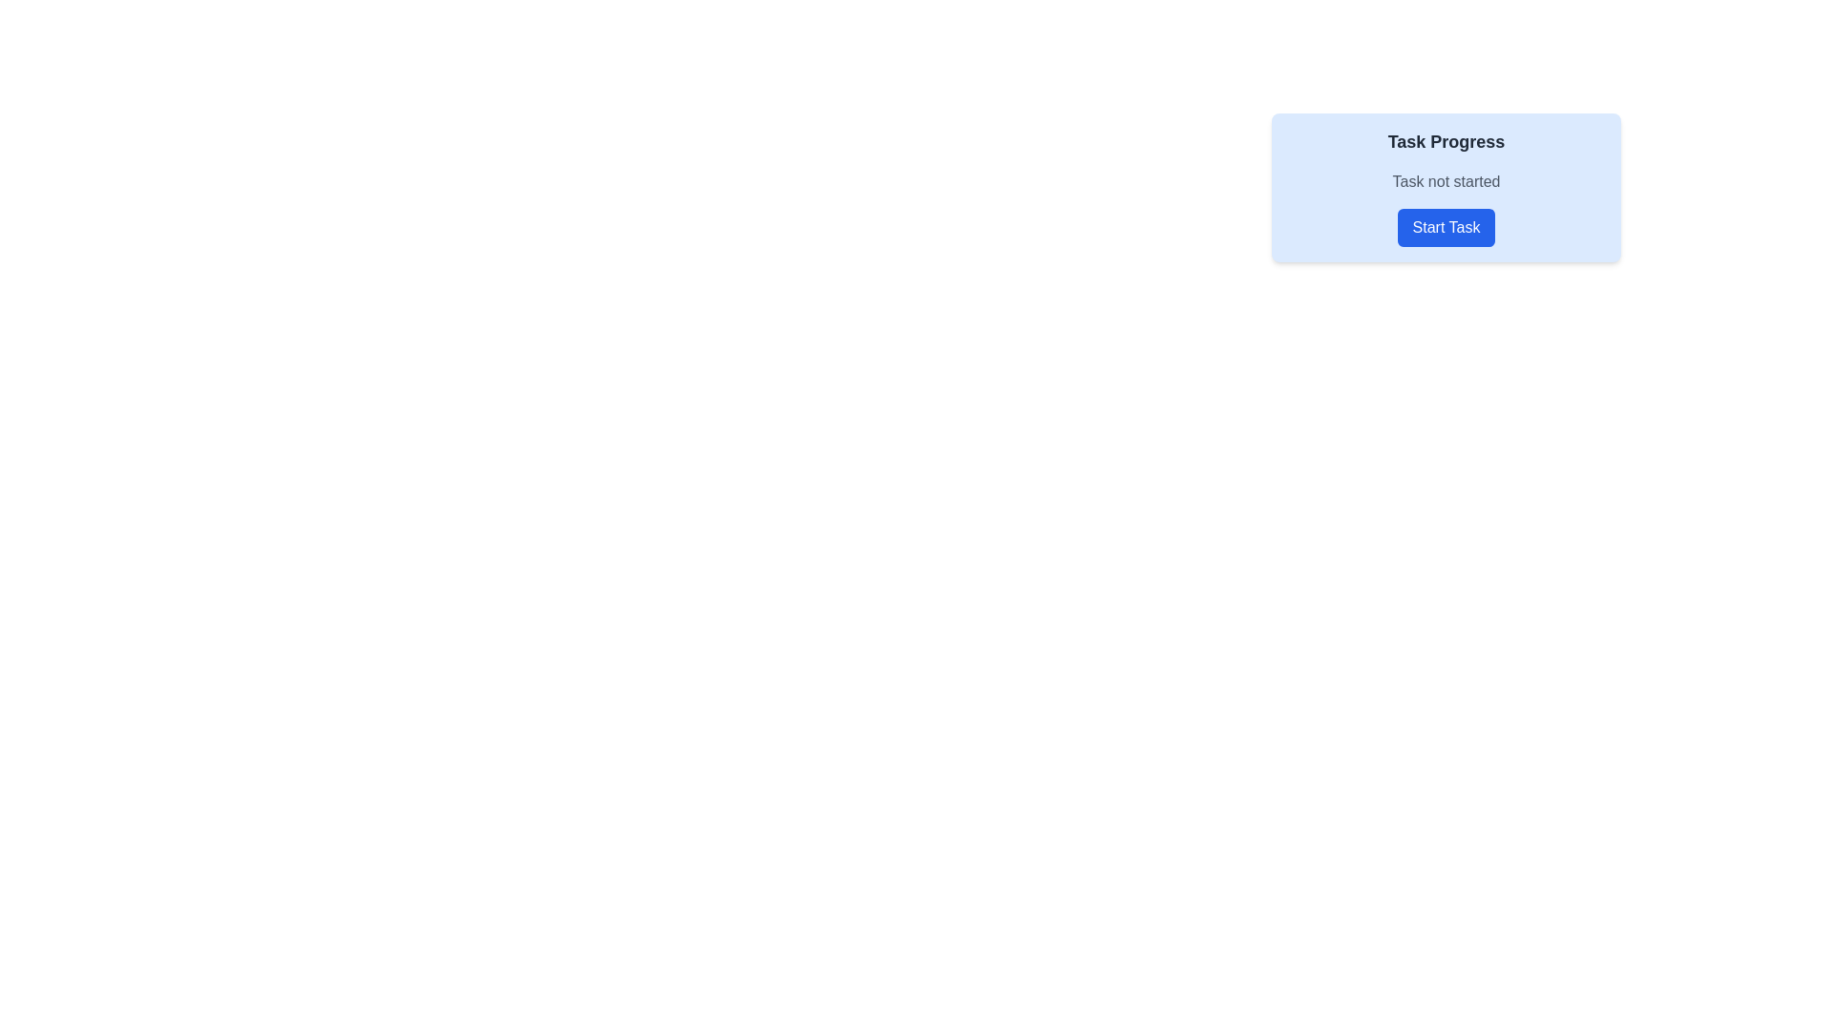  What do you see at coordinates (1447, 227) in the screenshot?
I see `the third button below the 'Task Progress' and 'Task not started' text elements` at bounding box center [1447, 227].